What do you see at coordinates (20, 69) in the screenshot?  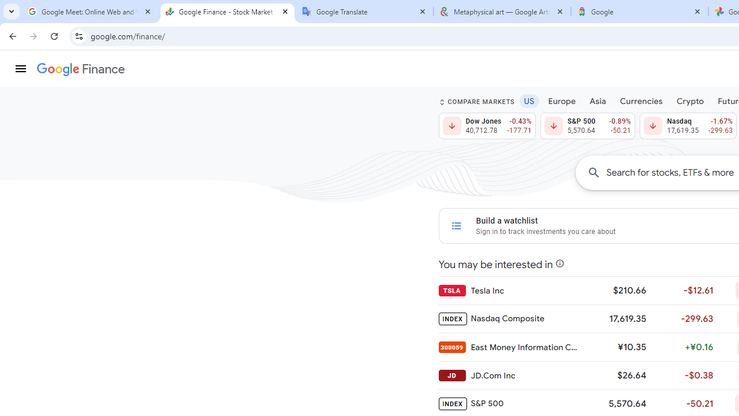 I see `'Main menu'` at bounding box center [20, 69].